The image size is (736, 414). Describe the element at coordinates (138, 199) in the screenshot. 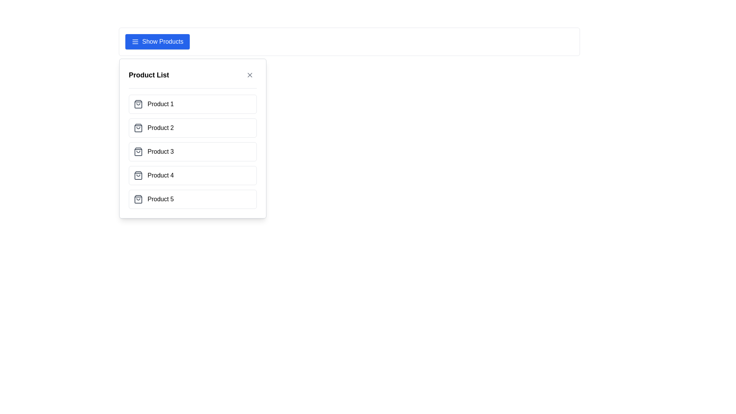

I see `the shopping bag icon located at the beginning of the list item labeled 'Product 5', which has a gray outline and no internal fill` at that location.